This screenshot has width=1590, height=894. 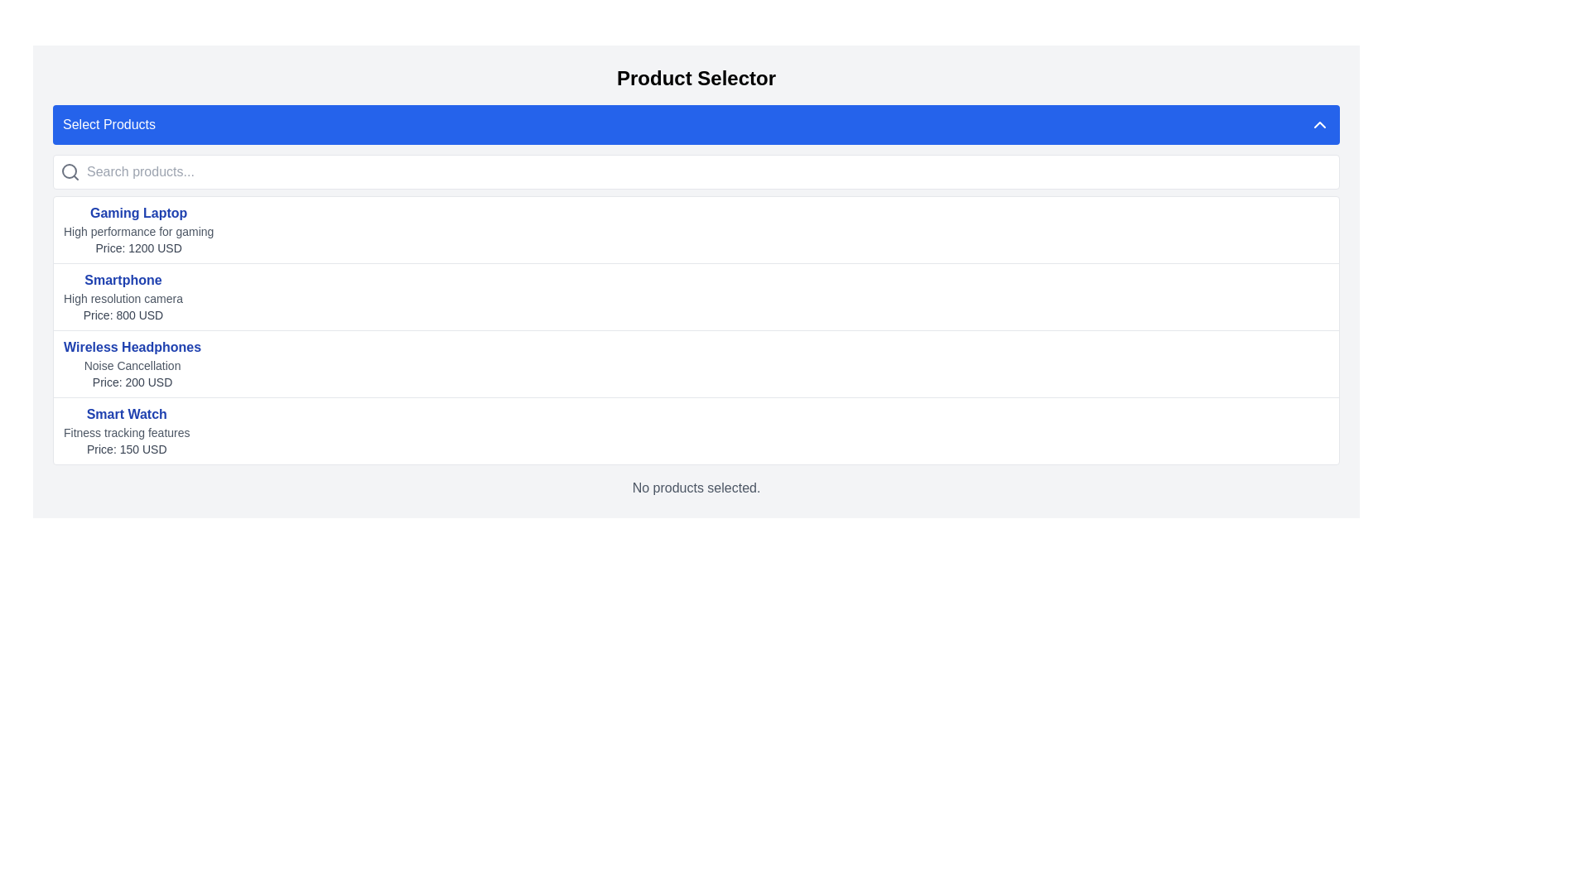 What do you see at coordinates (138, 229) in the screenshot?
I see `the first product listing item for 'Gaming Laptop' in the 'Select Products' section, located below the search bar` at bounding box center [138, 229].